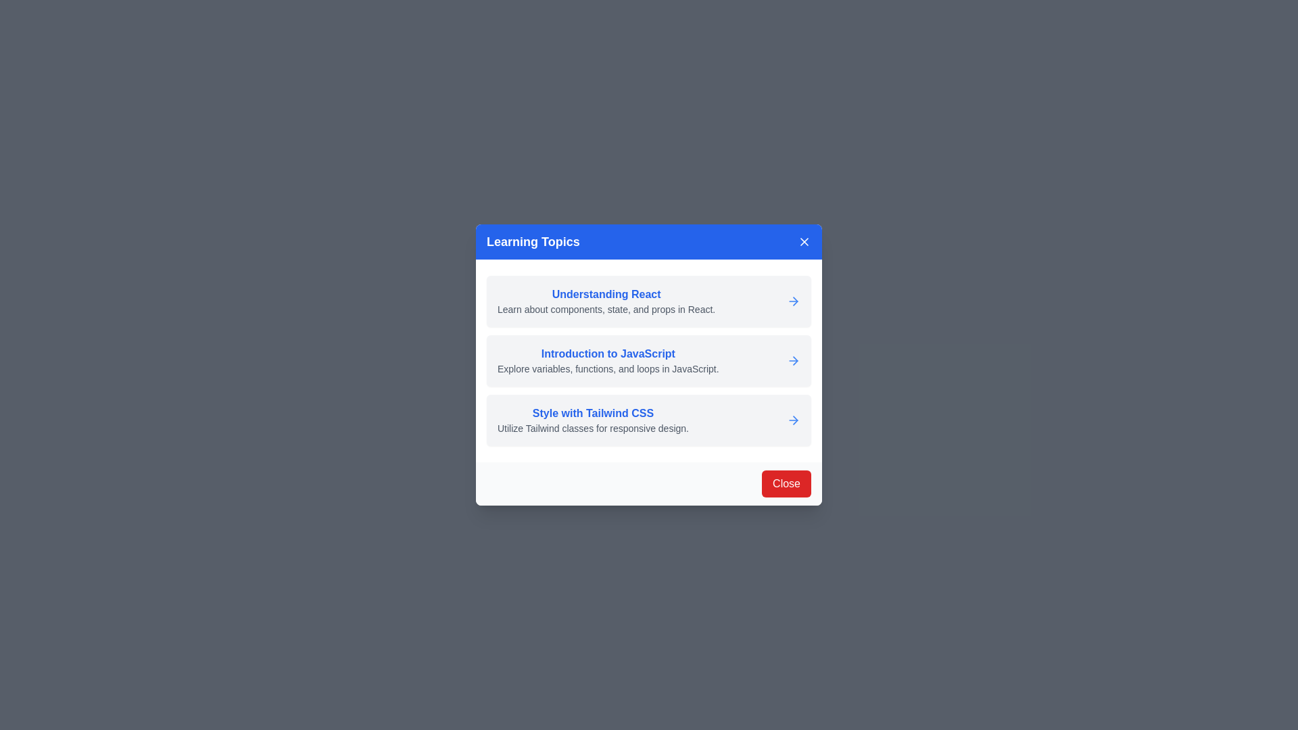  What do you see at coordinates (795, 301) in the screenshot?
I see `the right-pointing arrow icon with a thin blue outline located in the first row under 'Learning Topics'` at bounding box center [795, 301].